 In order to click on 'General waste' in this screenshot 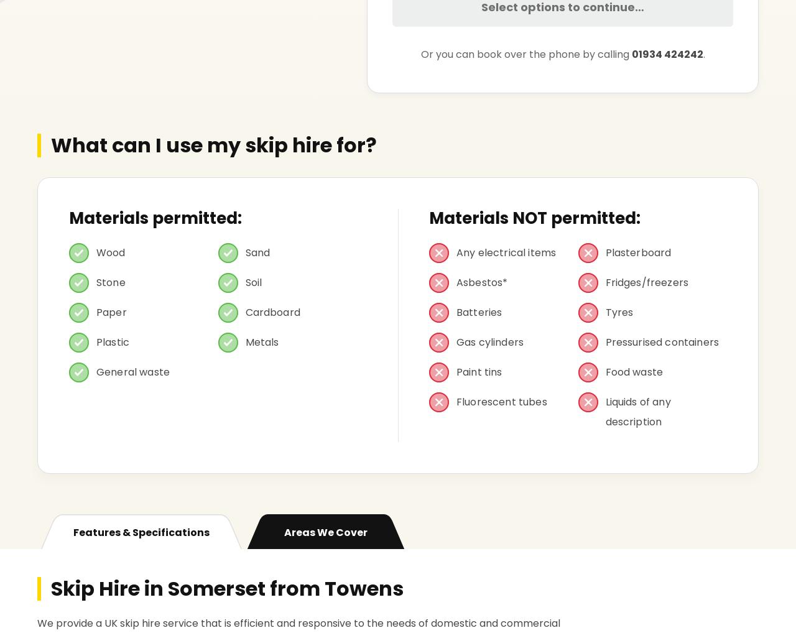, I will do `click(133, 372)`.